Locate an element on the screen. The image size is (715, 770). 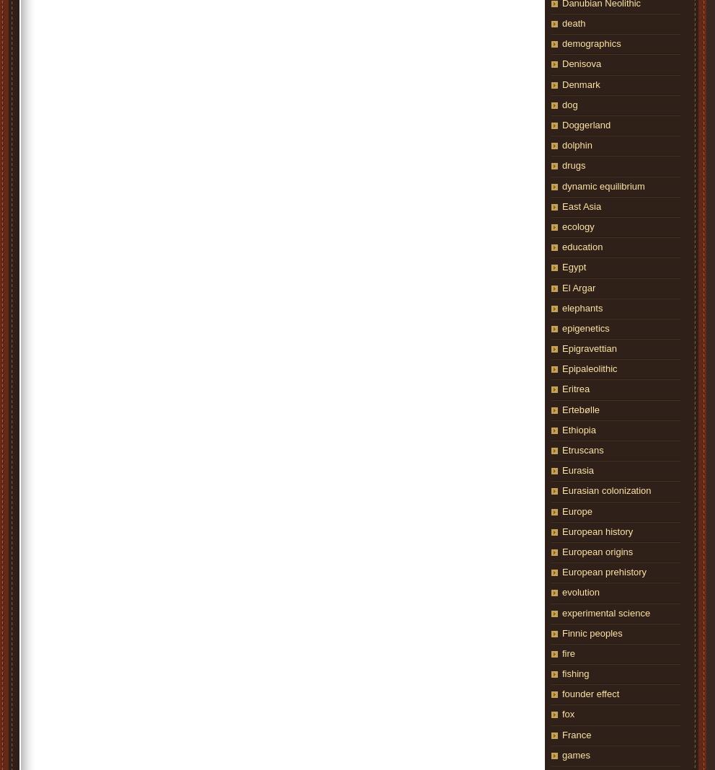
'experimental science' is located at coordinates (561, 611).